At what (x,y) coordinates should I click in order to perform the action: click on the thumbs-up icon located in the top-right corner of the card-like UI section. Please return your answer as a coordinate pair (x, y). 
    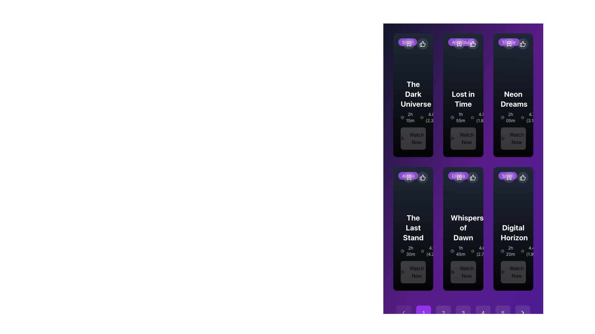
    Looking at the image, I should click on (522, 178).